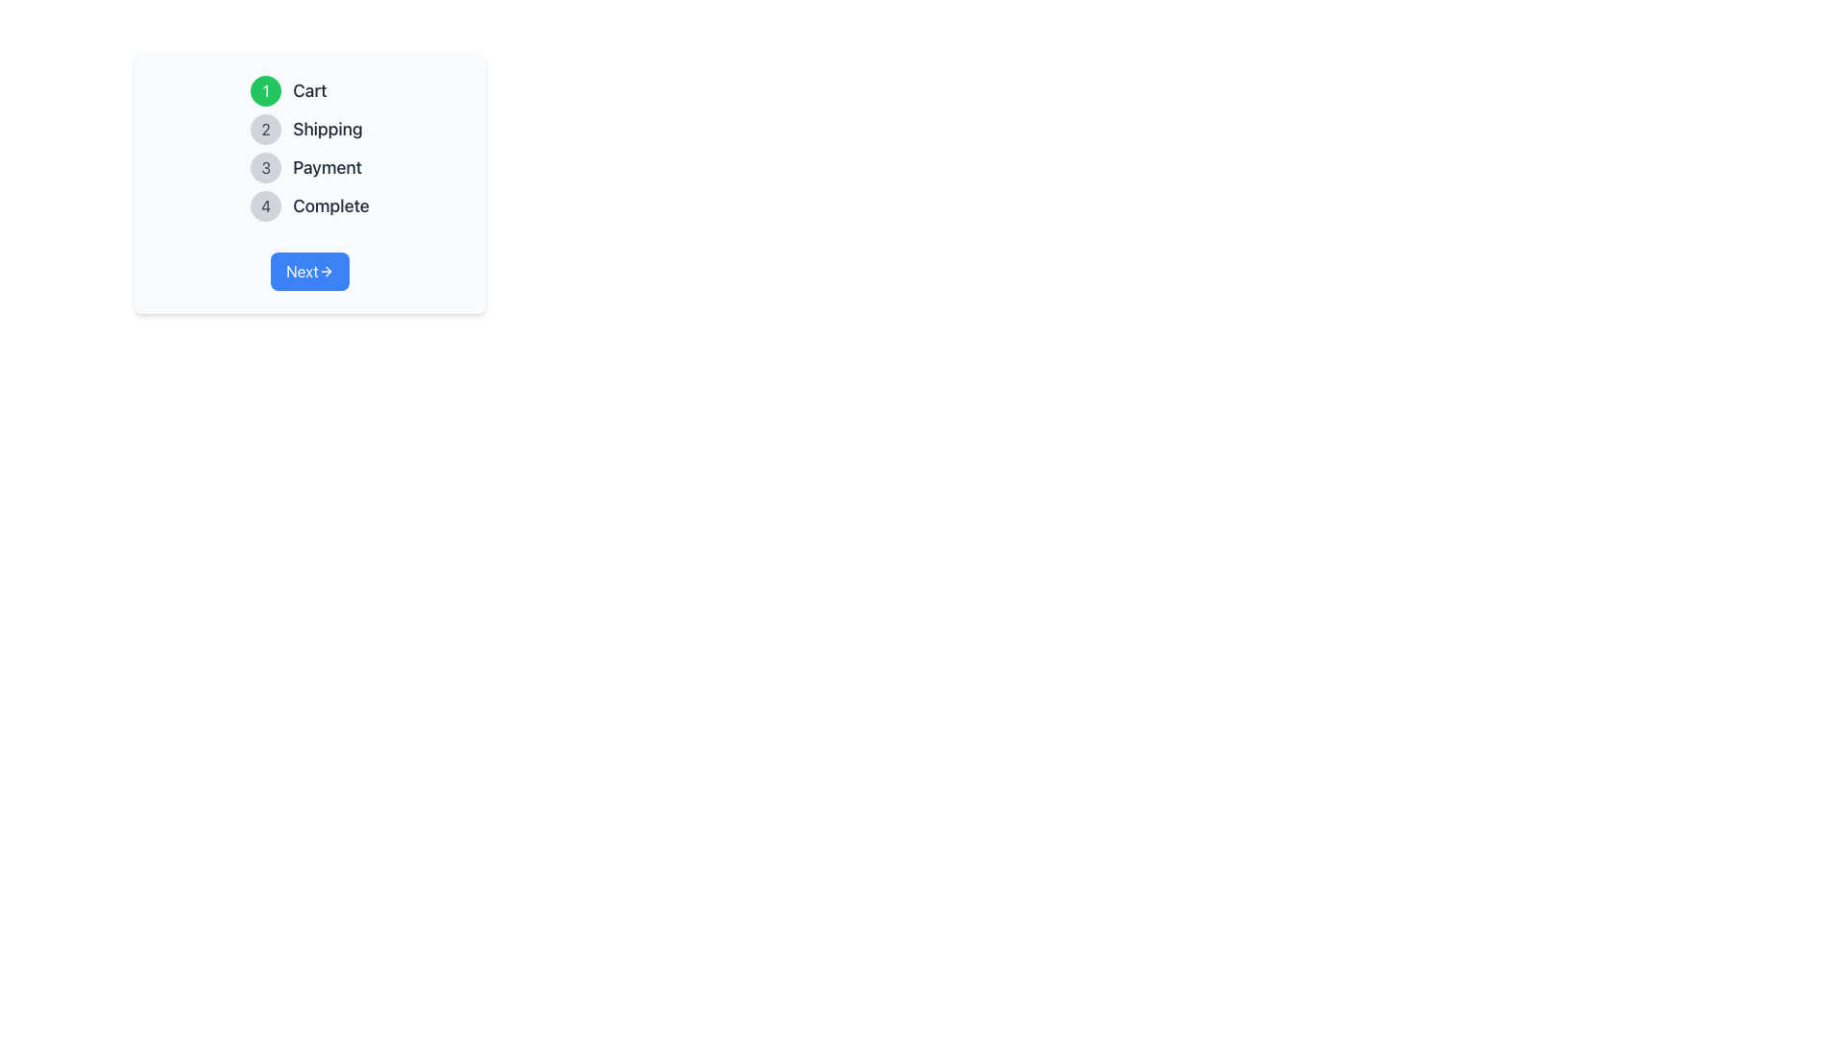  I want to click on the label of the vertical progress stepper, specifically on the icon with the number and label 'Cart', 'Shipping', 'Payment', or 'Complete', so click(309, 147).